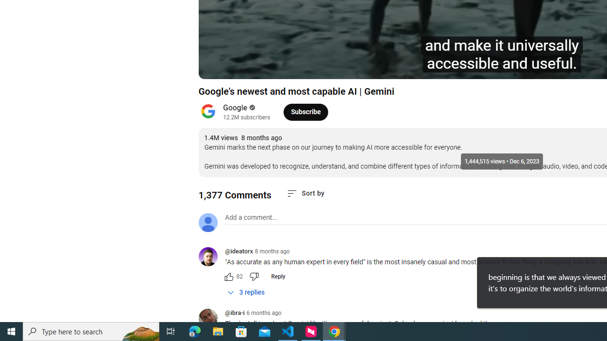 The height and width of the screenshot is (341, 607). What do you see at coordinates (305, 193) in the screenshot?
I see `'Sort comments'` at bounding box center [305, 193].